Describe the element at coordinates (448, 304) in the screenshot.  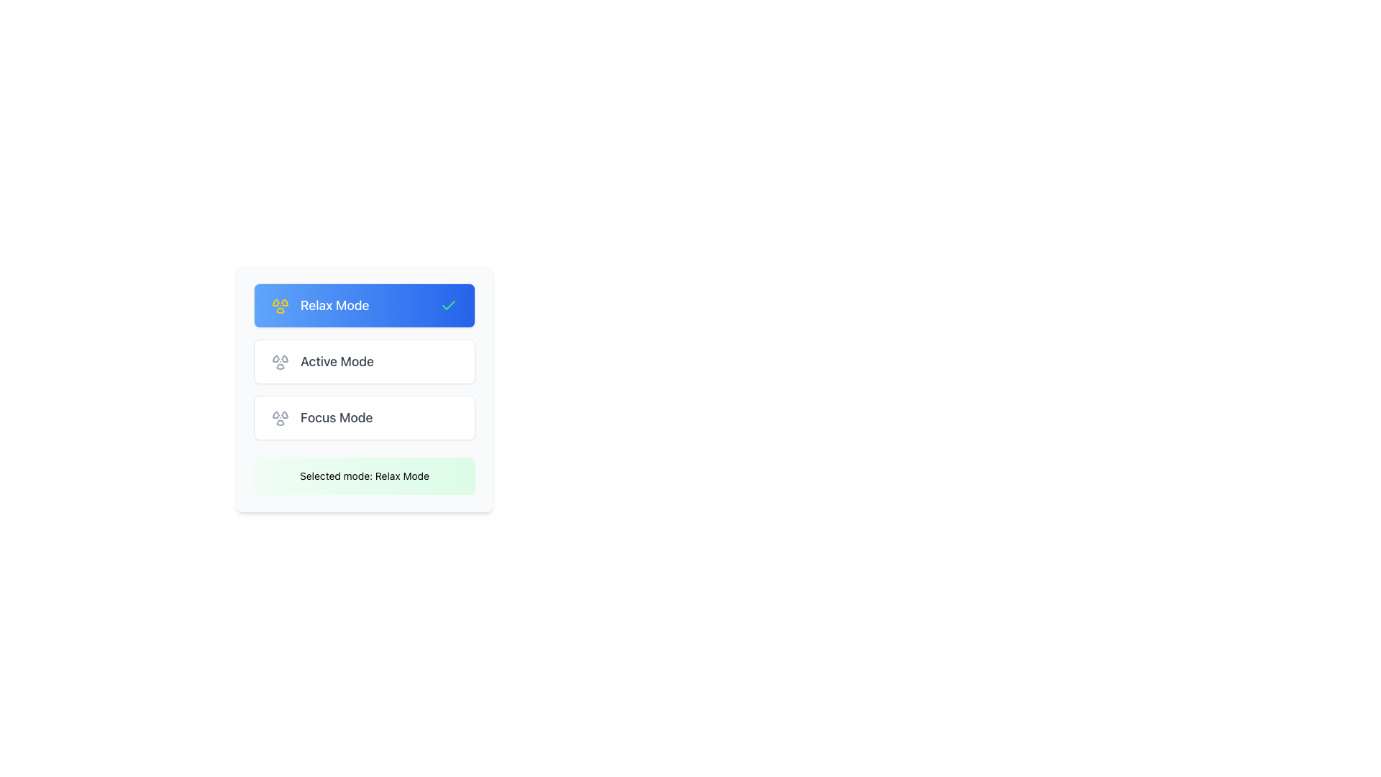
I see `the selection status icon for the 'Relax Mode' button` at that location.